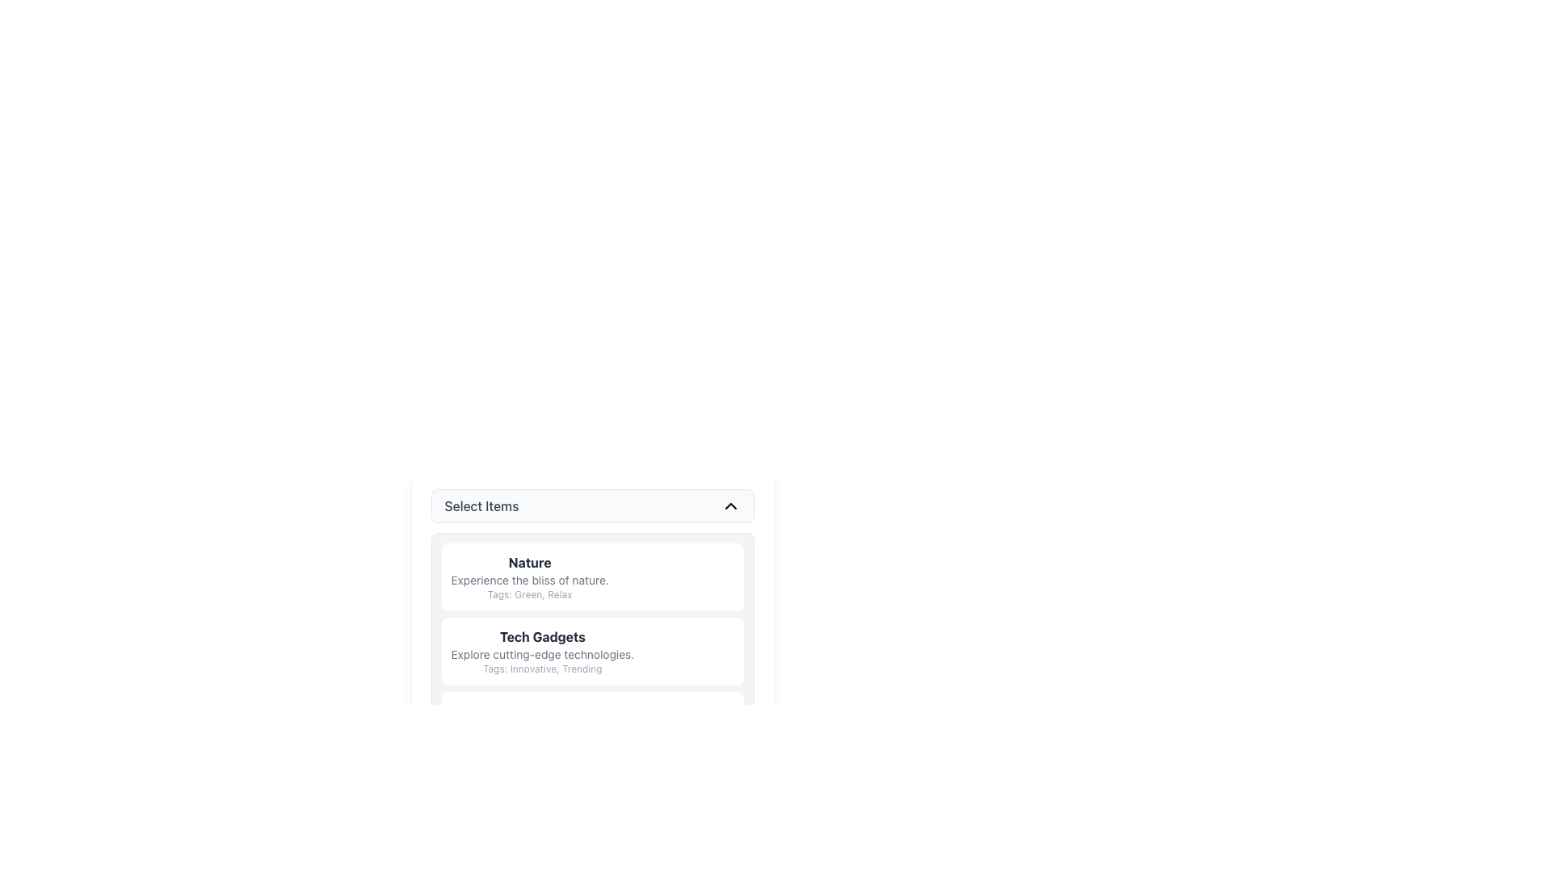 The width and height of the screenshot is (1551, 872). What do you see at coordinates (530, 579) in the screenshot?
I see `the descriptive text element located below the 'Nature' heading and above the 'Tags: Green, Relax' descriptions, which provides contextual understanding of 'Nature'` at bounding box center [530, 579].